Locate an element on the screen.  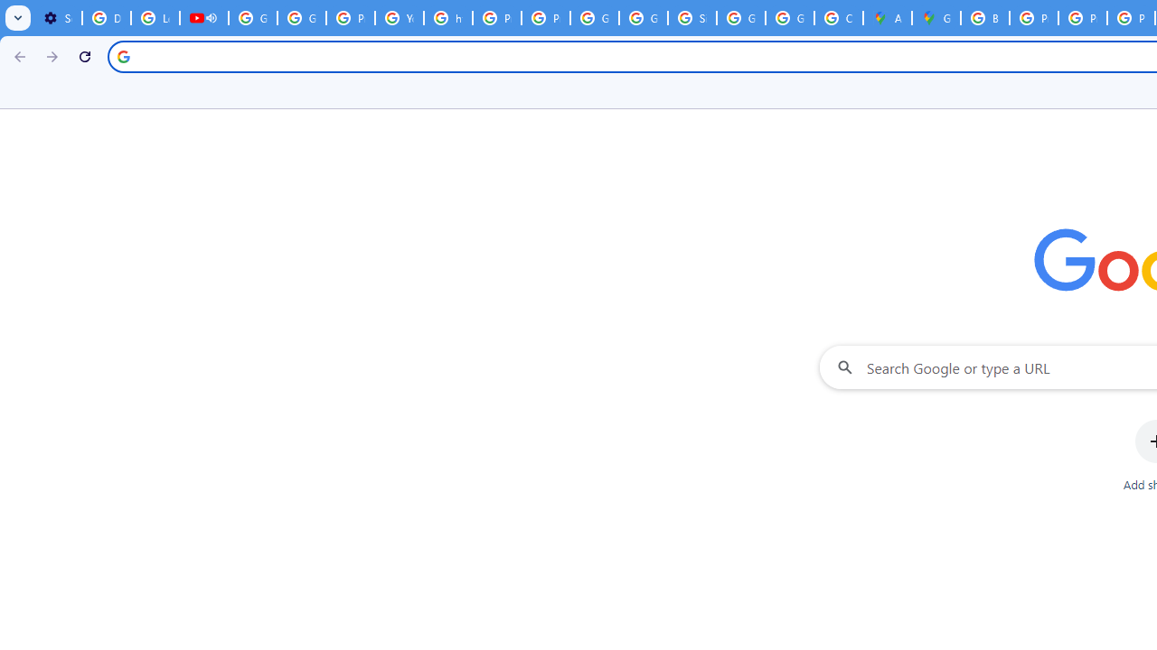
'Privacy Help Center - Policies Help' is located at coordinates (1034, 18).